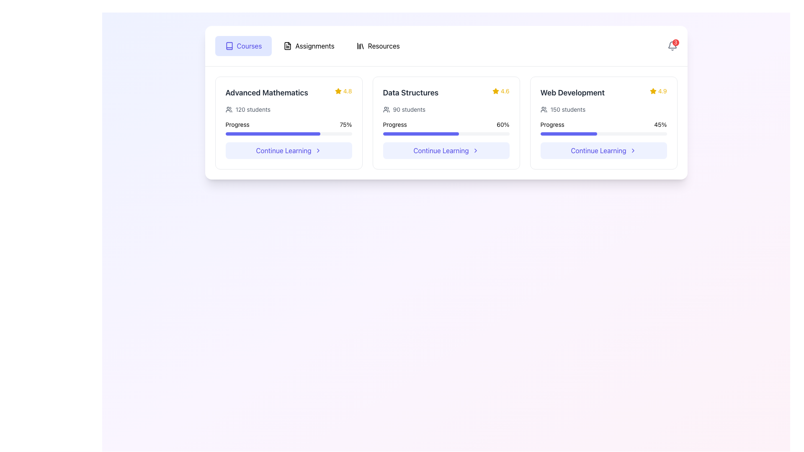 The image size is (804, 452). I want to click on the 'Resources' icon located in the navigation bar at the top center of the interface, positioned to the right of the 'Assignments' tab, so click(360, 46).